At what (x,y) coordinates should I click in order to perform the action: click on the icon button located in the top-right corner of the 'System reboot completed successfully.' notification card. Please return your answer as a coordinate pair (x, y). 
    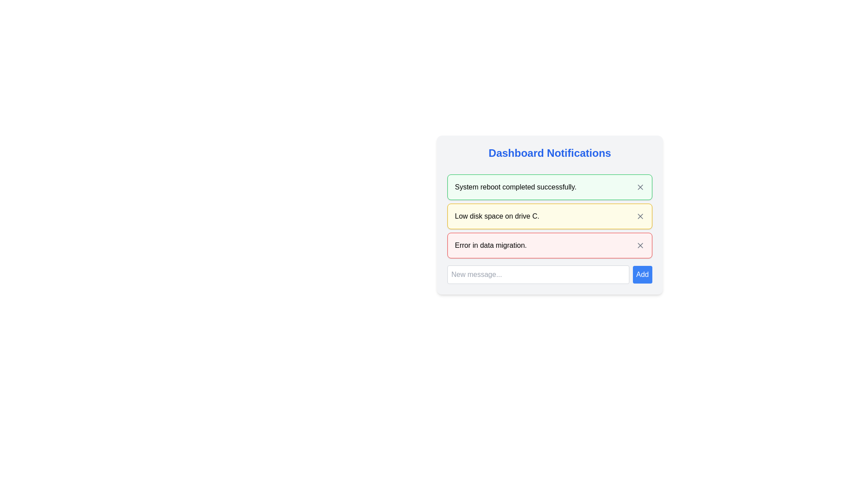
    Looking at the image, I should click on (640, 187).